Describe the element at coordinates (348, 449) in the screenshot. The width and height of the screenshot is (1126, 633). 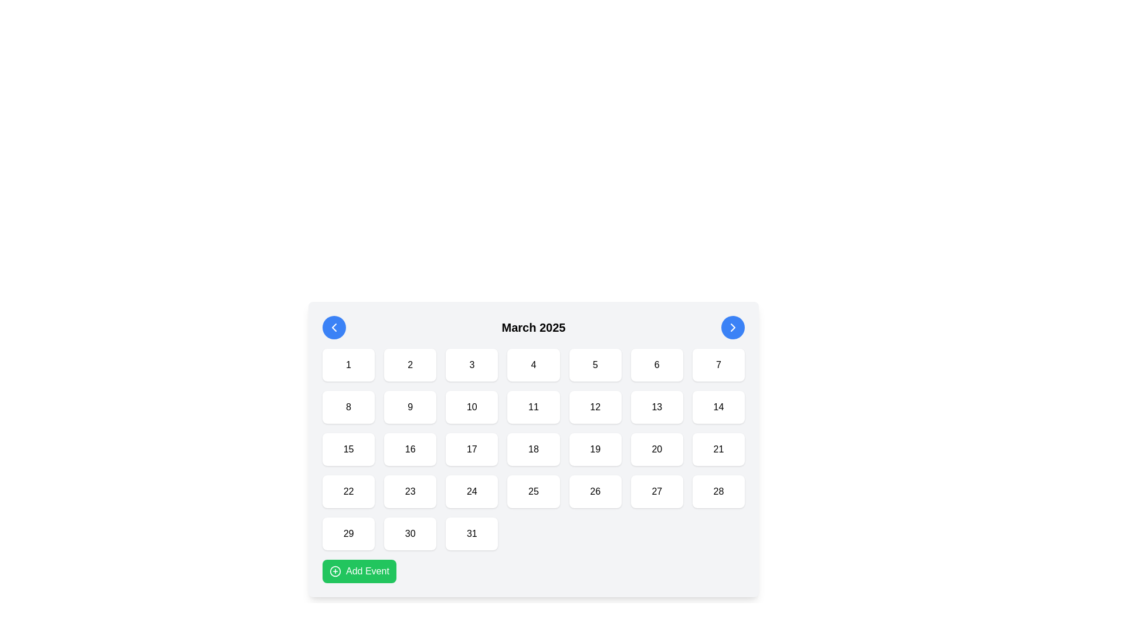
I see `the calendar button representing the 15th day of the month located in the third row and first column of the calendar grid` at that location.